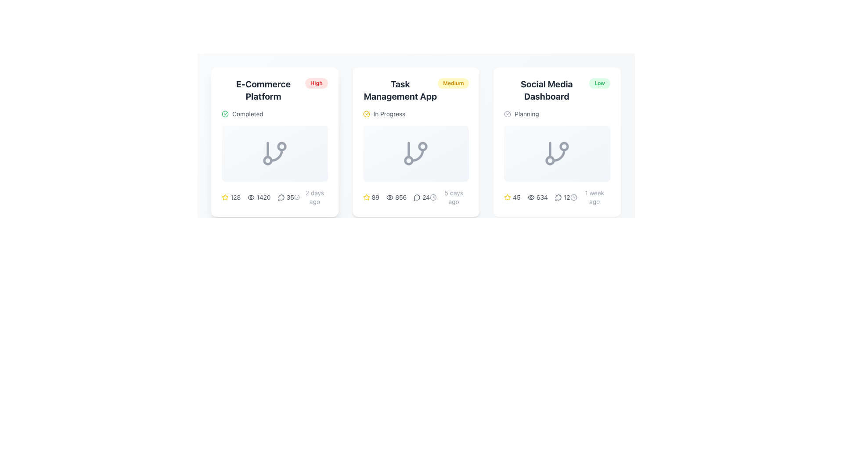  What do you see at coordinates (400, 90) in the screenshot?
I see `the bold text label displaying 'Task Management App' which is prominently located at the top-center of the middle column in the interface` at bounding box center [400, 90].